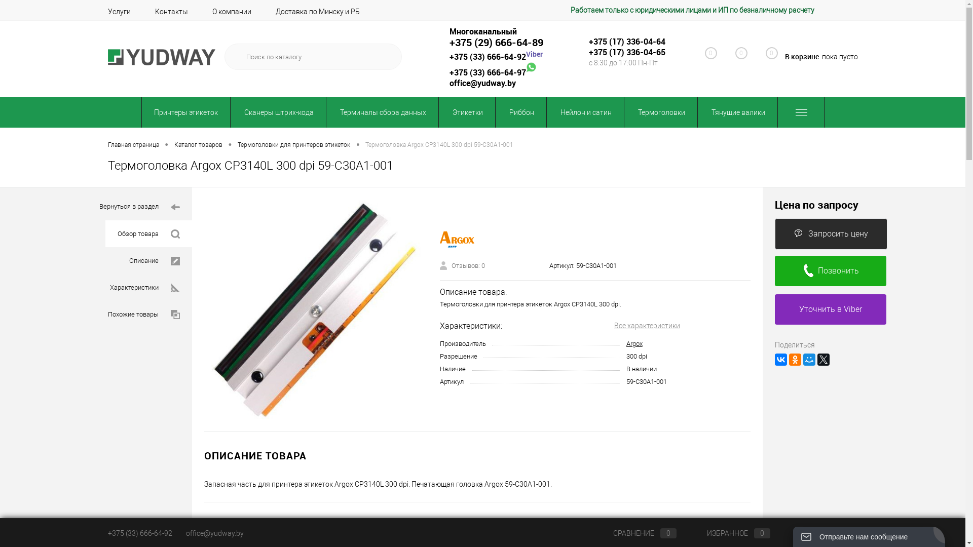  What do you see at coordinates (766, 57) in the screenshot?
I see `'0'` at bounding box center [766, 57].